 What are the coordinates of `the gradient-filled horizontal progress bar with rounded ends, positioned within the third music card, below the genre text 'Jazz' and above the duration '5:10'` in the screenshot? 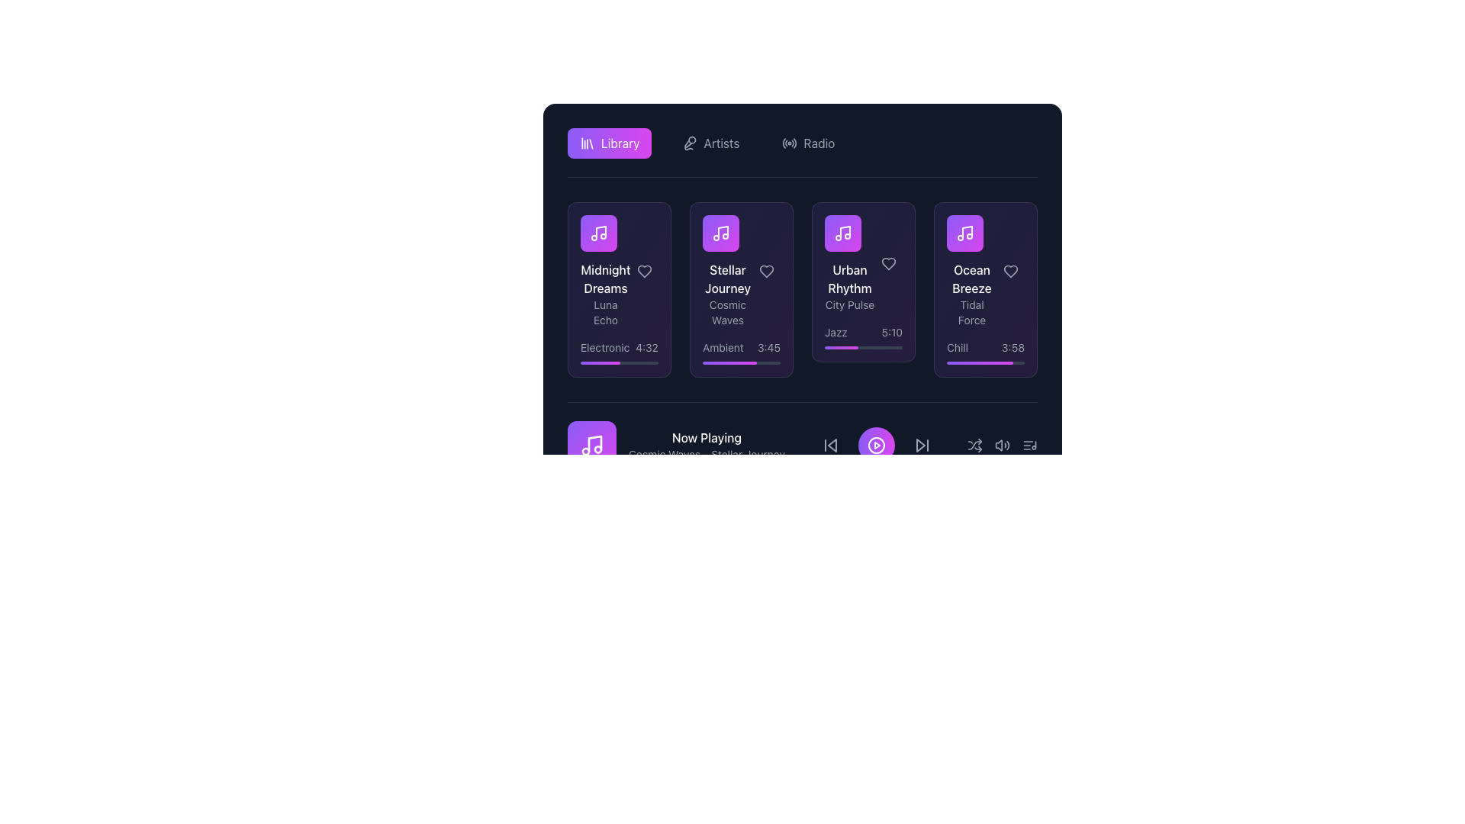 It's located at (840, 347).